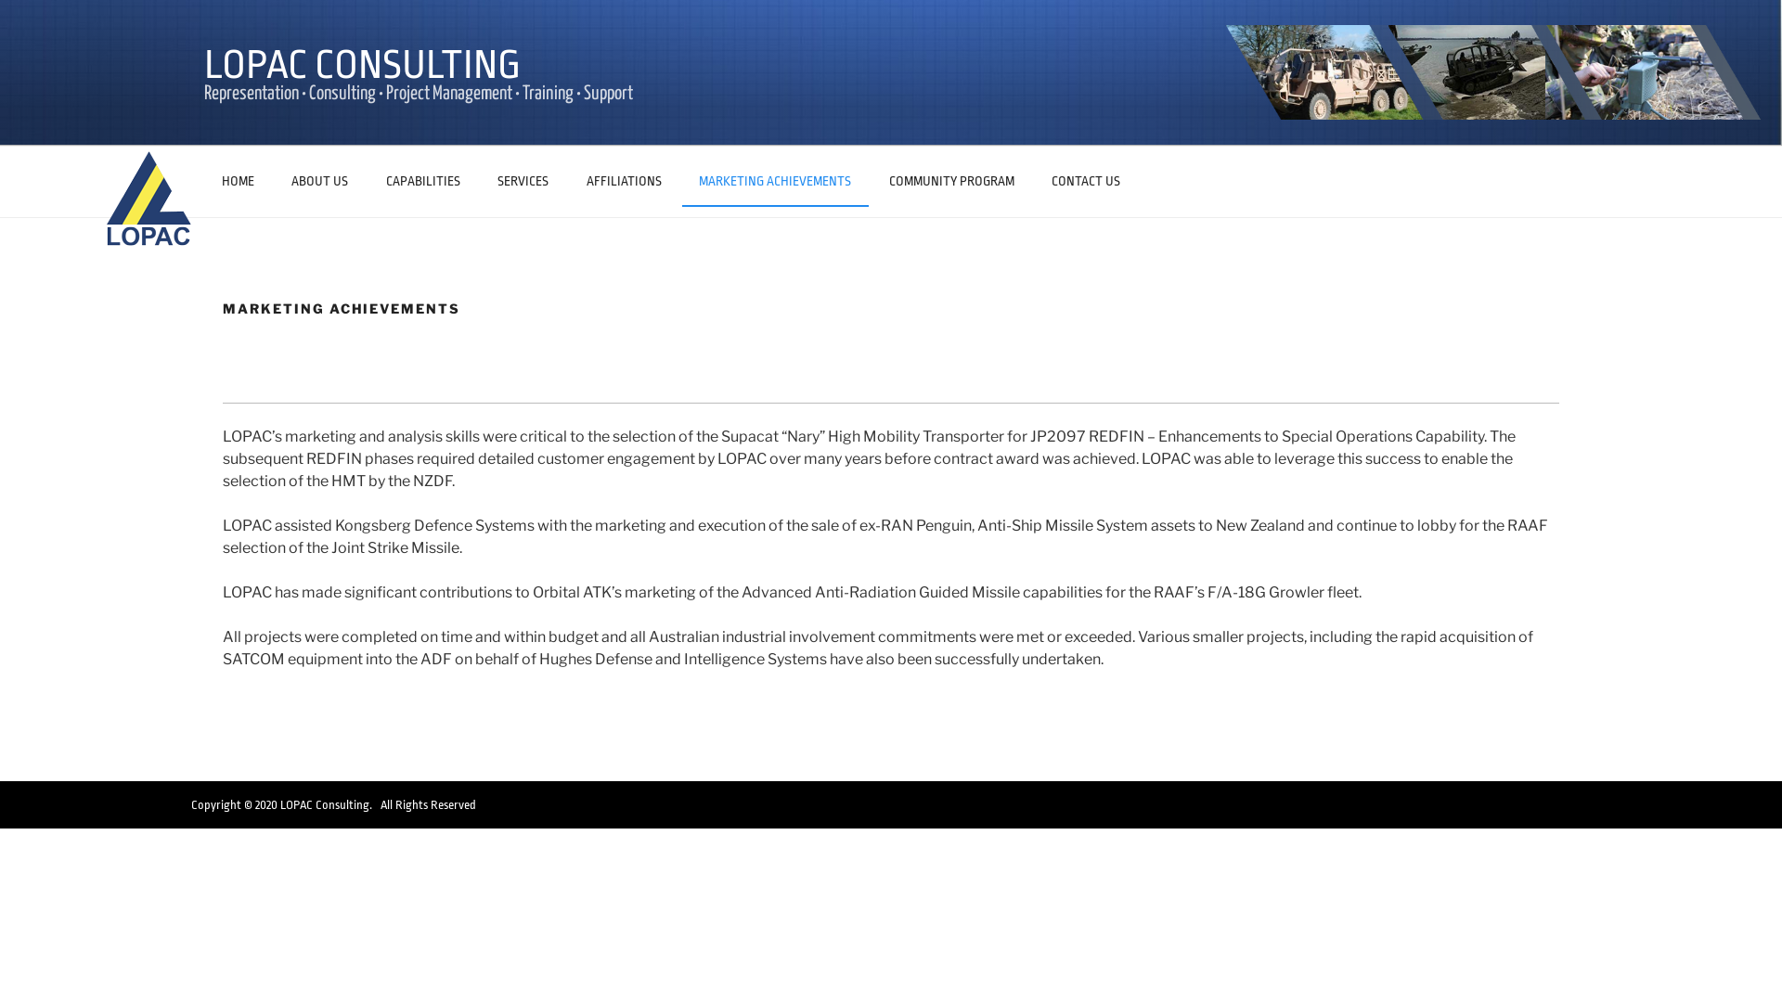  I want to click on 'LOPAC CONSULTING', so click(362, 63).